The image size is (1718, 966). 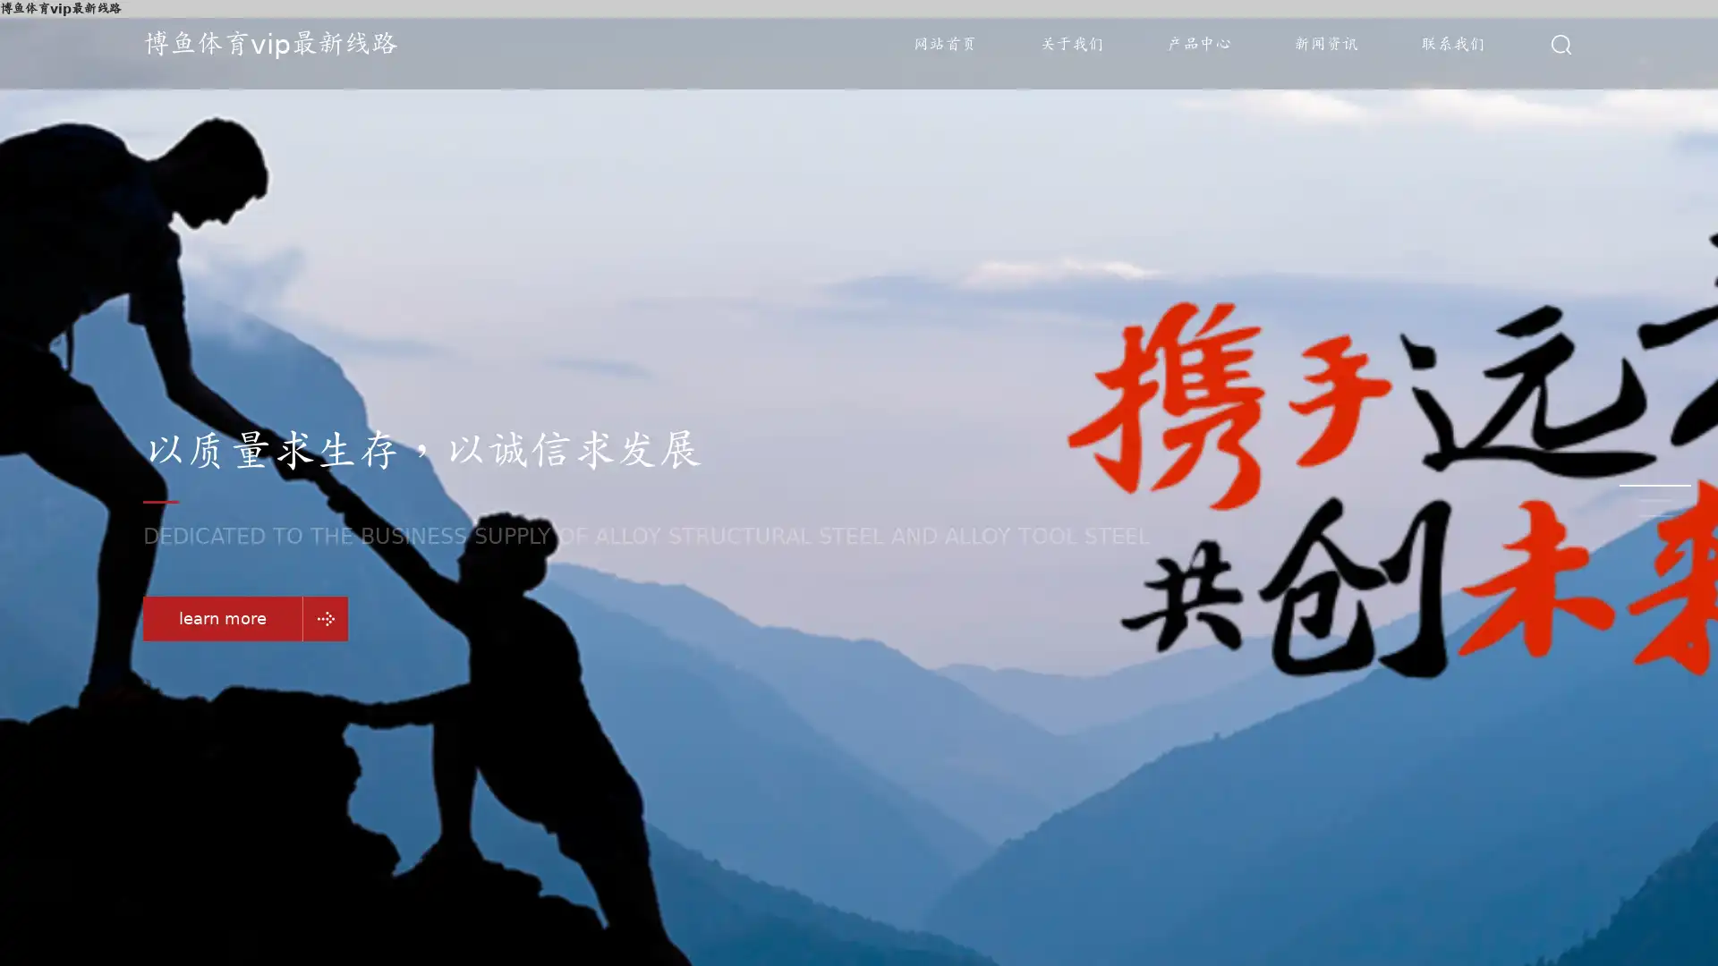 What do you see at coordinates (1654, 500) in the screenshot?
I see `Go to slide 2` at bounding box center [1654, 500].